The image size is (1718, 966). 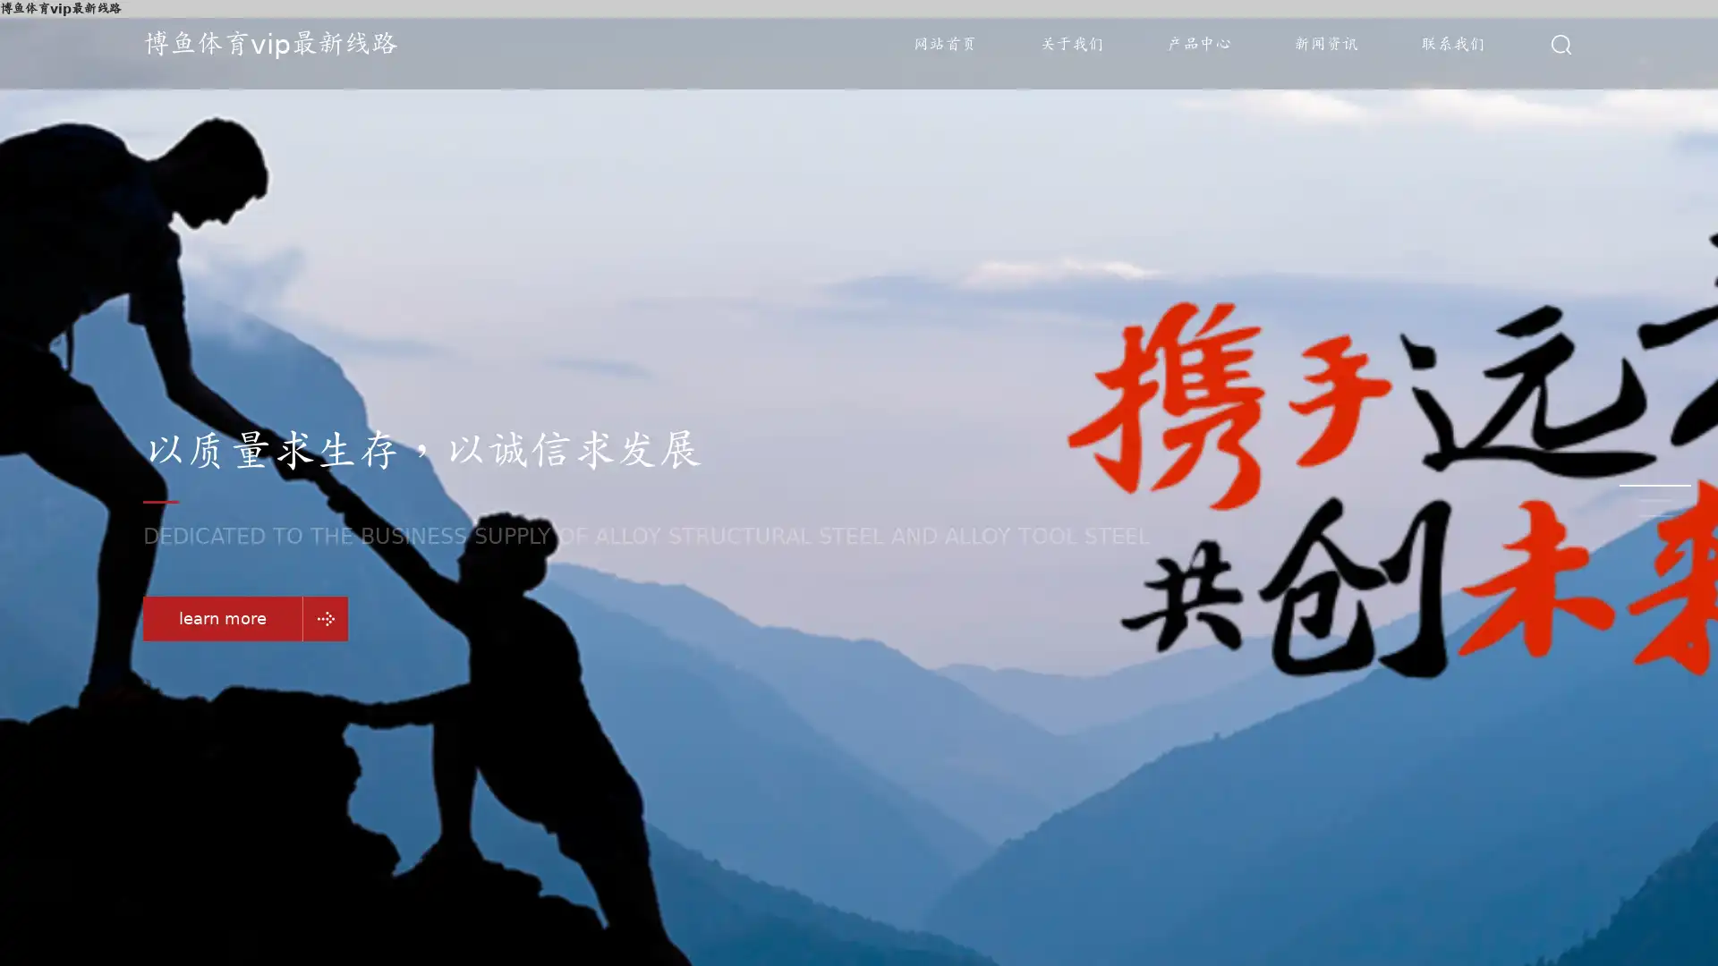 What do you see at coordinates (1654, 500) in the screenshot?
I see `Go to slide 2` at bounding box center [1654, 500].